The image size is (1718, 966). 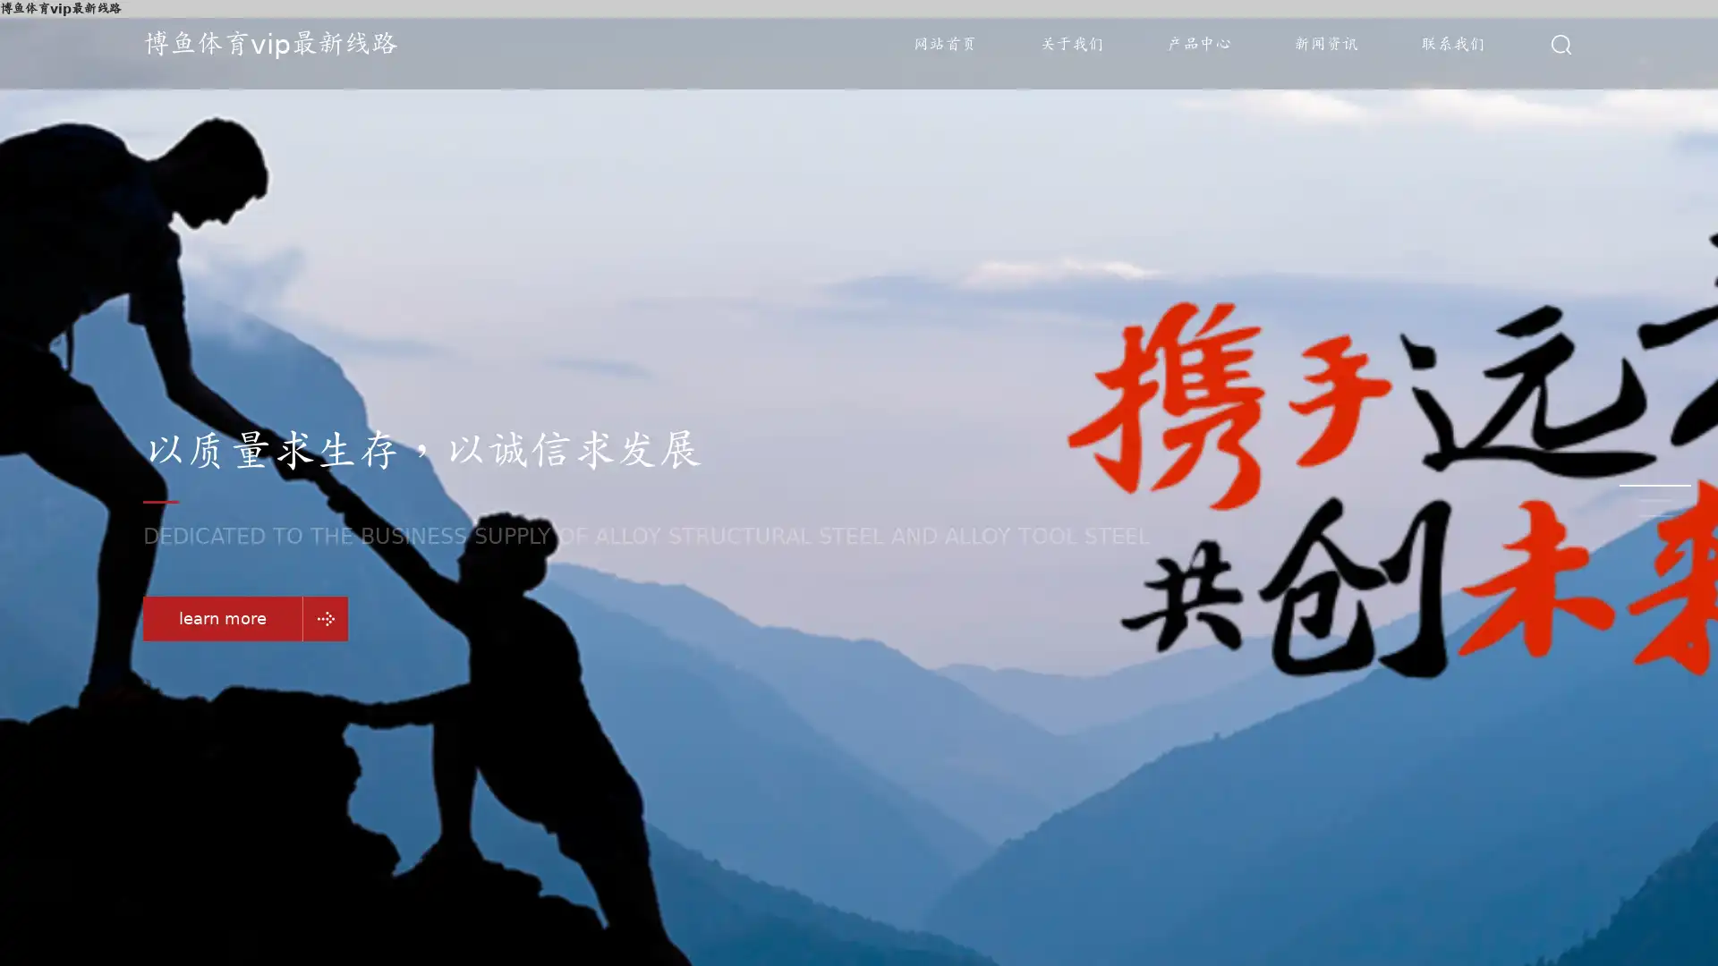 What do you see at coordinates (1654, 500) in the screenshot?
I see `Go to slide 2` at bounding box center [1654, 500].